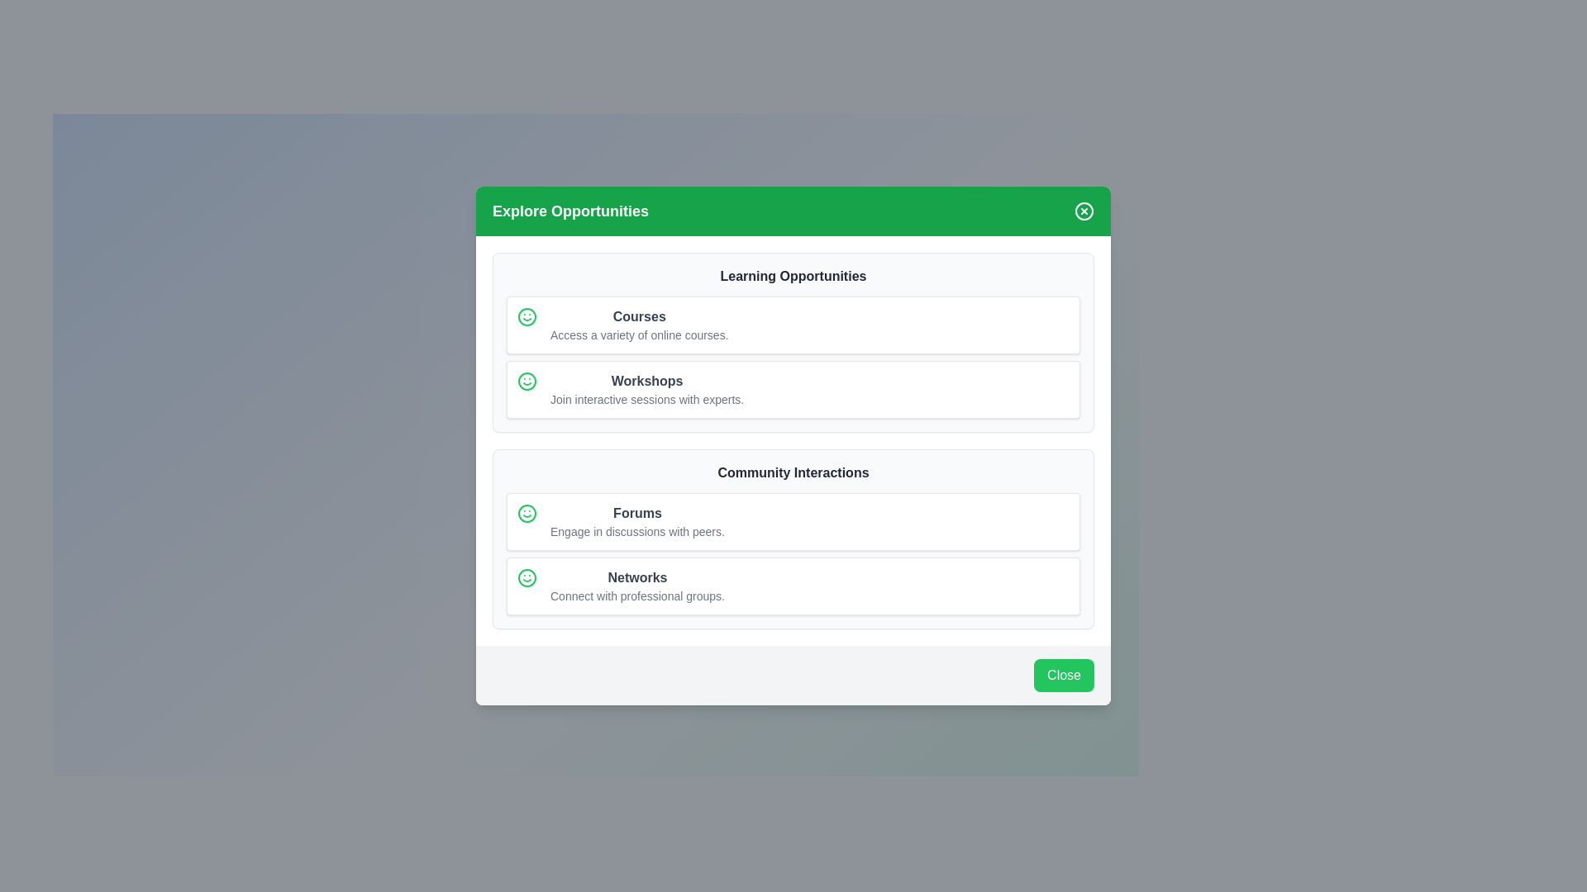  Describe the element at coordinates (638, 325) in the screenshot. I see `the Text block that introduces the 'Courses' section, located in the upper section of the modal under 'Learning Opportunities'` at that location.